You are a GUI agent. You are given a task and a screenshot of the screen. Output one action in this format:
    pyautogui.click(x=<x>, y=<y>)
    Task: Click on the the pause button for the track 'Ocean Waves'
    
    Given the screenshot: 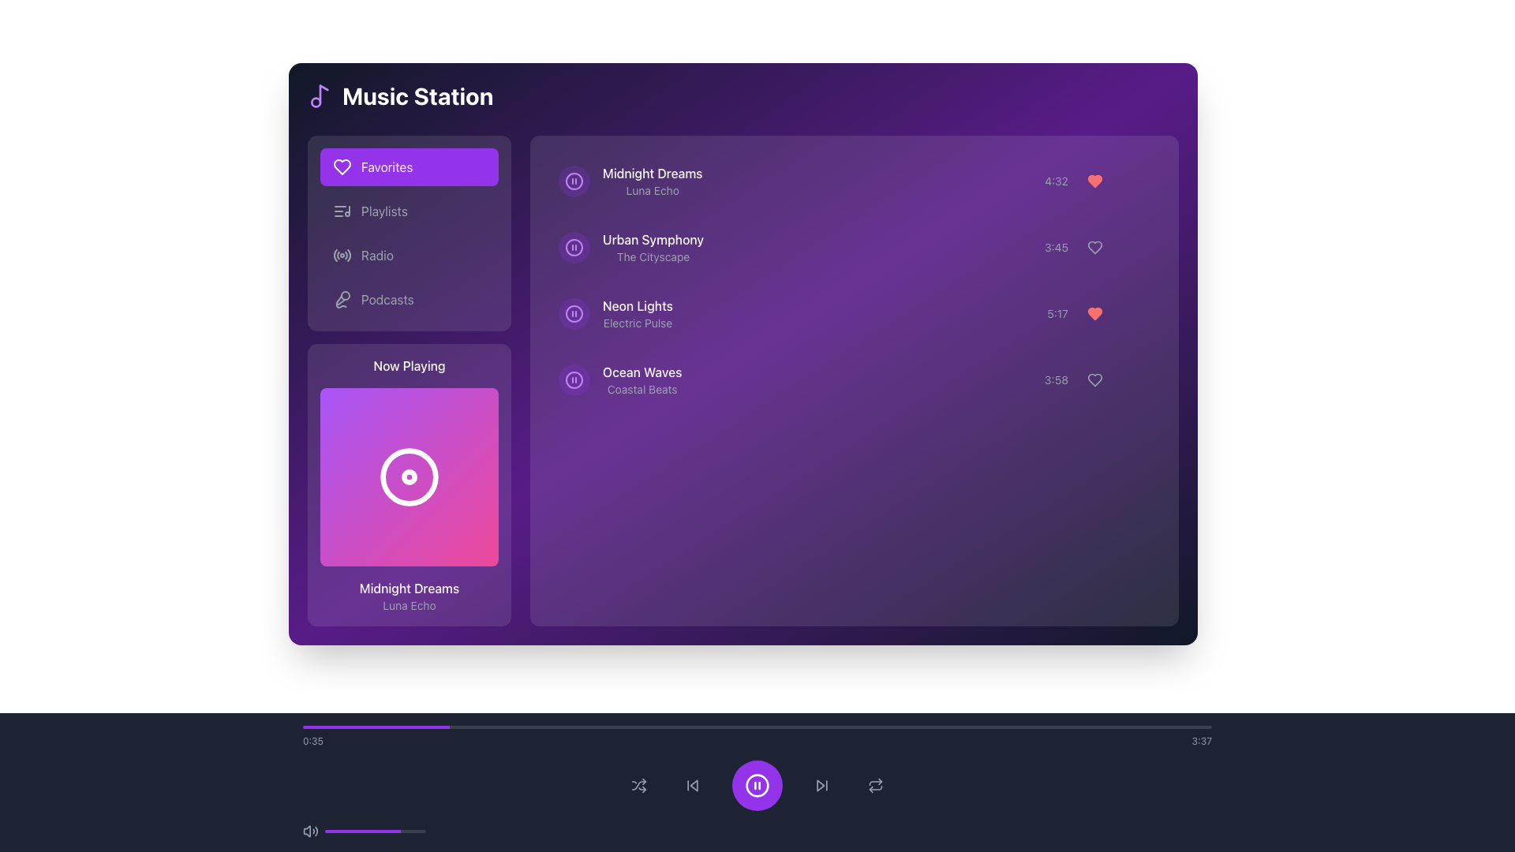 What is the action you would take?
    pyautogui.click(x=574, y=380)
    